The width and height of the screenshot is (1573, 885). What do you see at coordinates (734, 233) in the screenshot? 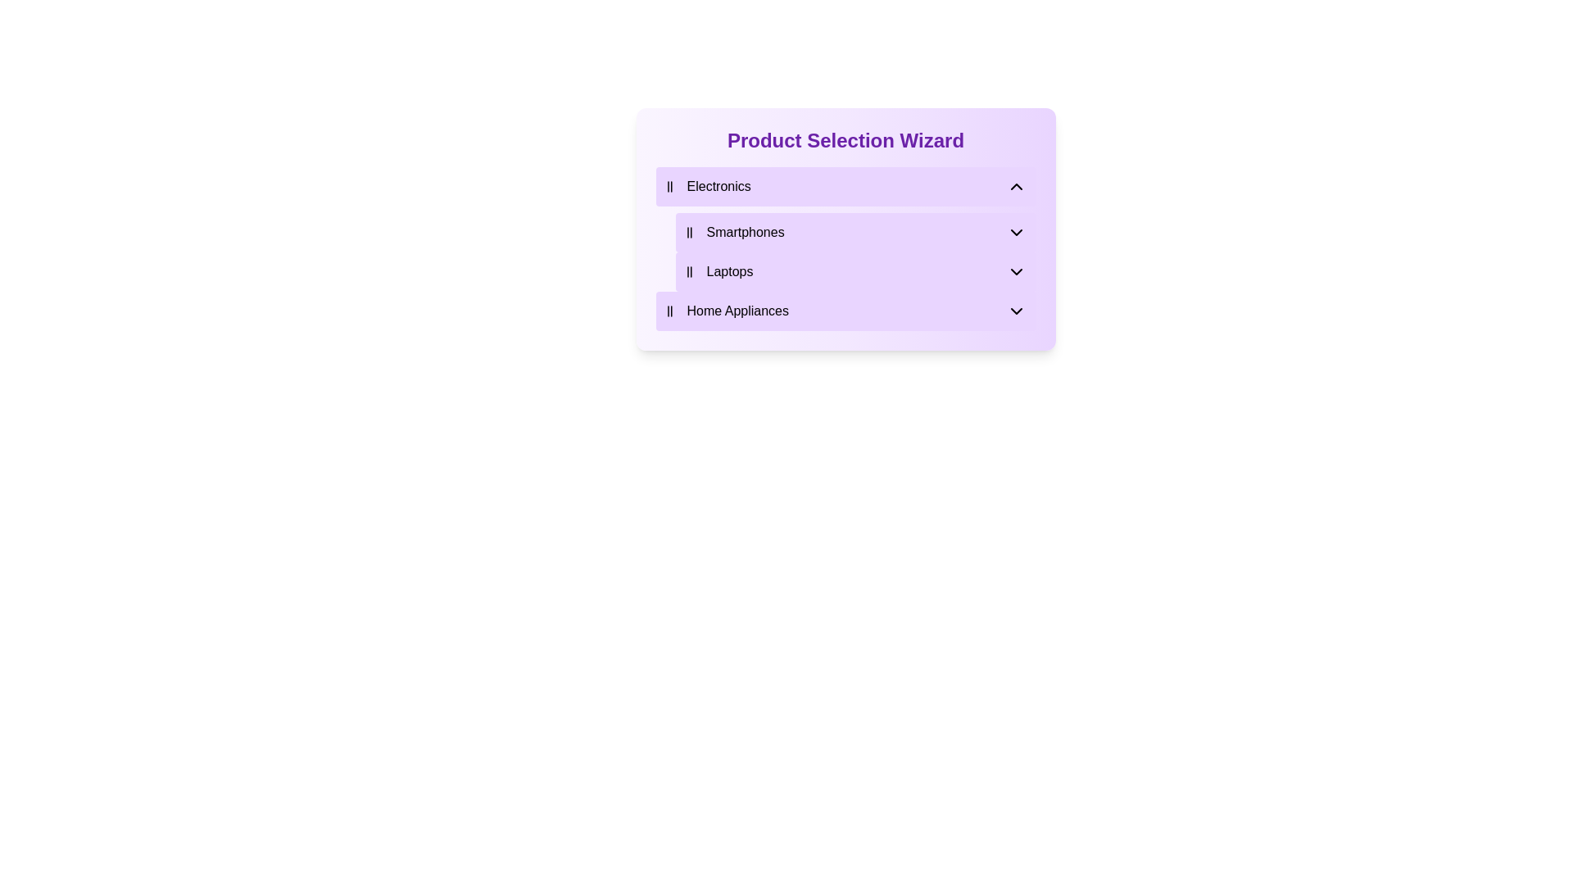
I see `label 'Smartphones' with accompanying icon on a light purple background, located under the 'Electronics' category, between 'Laptops' and 'Home Appliances'` at bounding box center [734, 233].